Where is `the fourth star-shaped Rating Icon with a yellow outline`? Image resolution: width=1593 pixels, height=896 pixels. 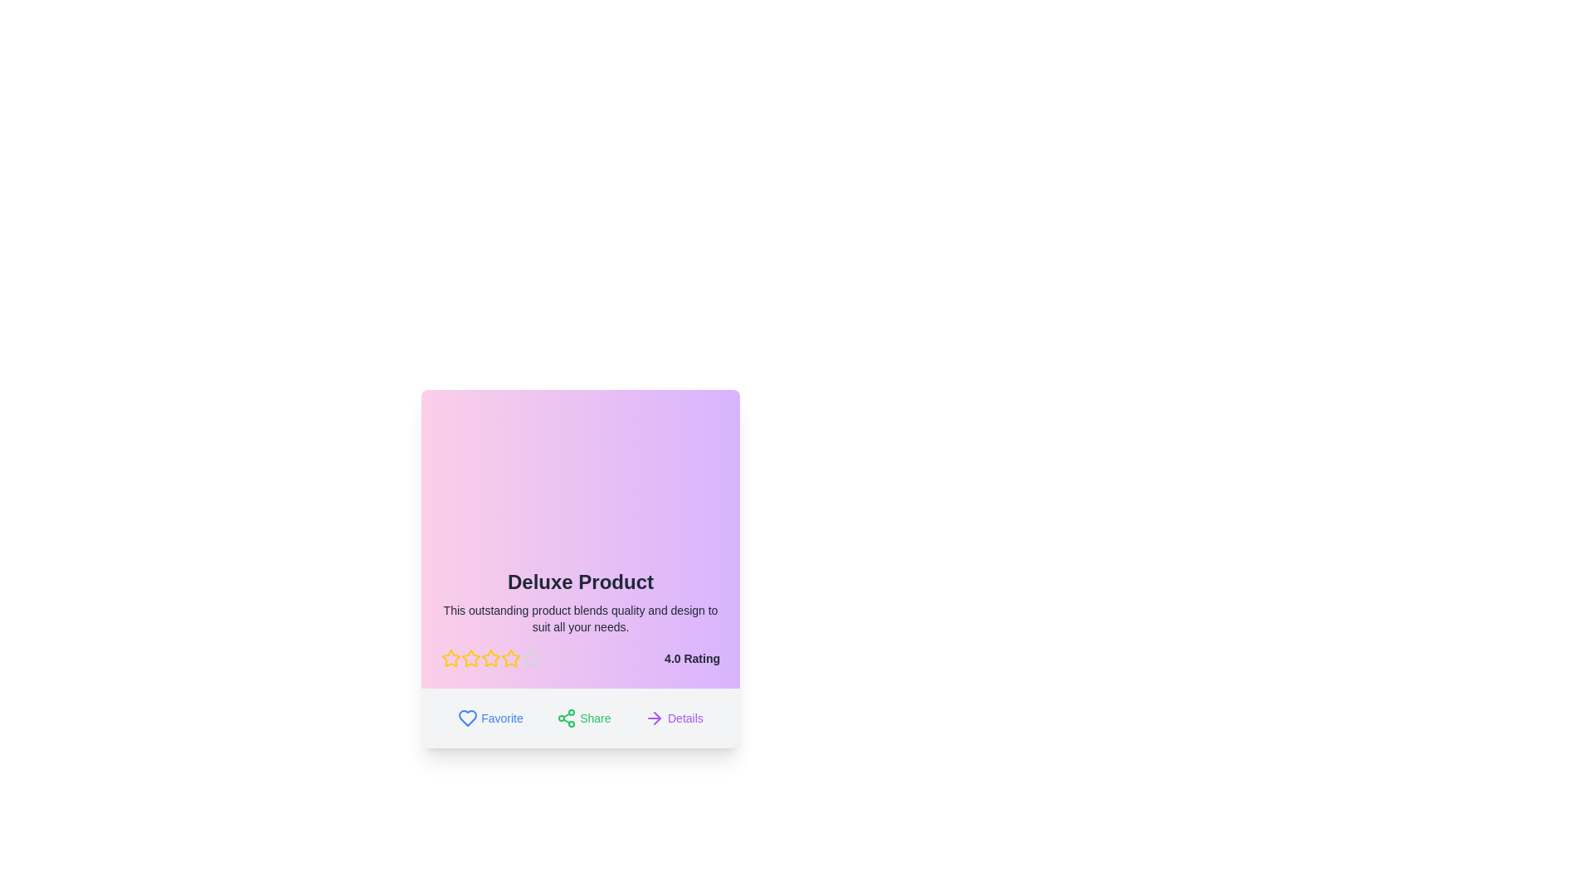
the fourth star-shaped Rating Icon with a yellow outline is located at coordinates (490, 658).